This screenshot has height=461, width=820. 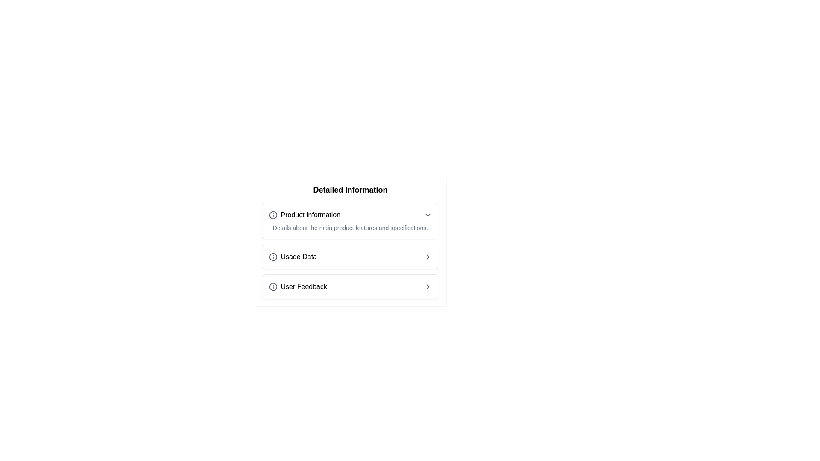 What do you see at coordinates (272, 215) in the screenshot?
I see `the informational icon located to the left of the 'Product Information' text in the 'Detailed Information' section` at bounding box center [272, 215].